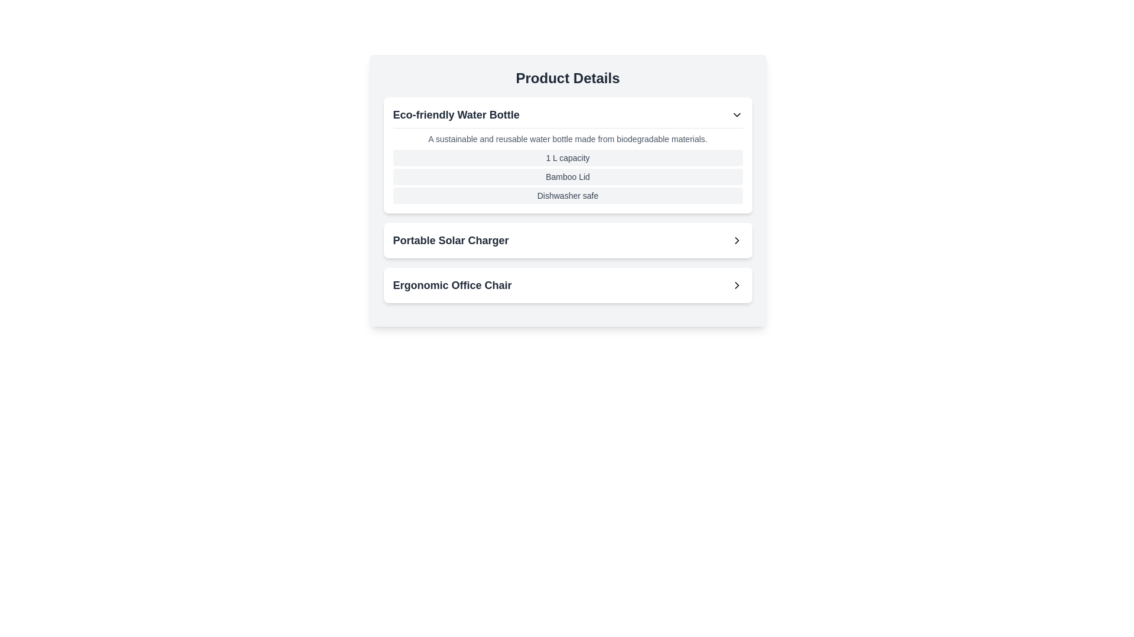 The width and height of the screenshot is (1134, 637). I want to click on the second item in the 'Product Details' list, labeled 'Portable Solar Charger', so click(568, 240).